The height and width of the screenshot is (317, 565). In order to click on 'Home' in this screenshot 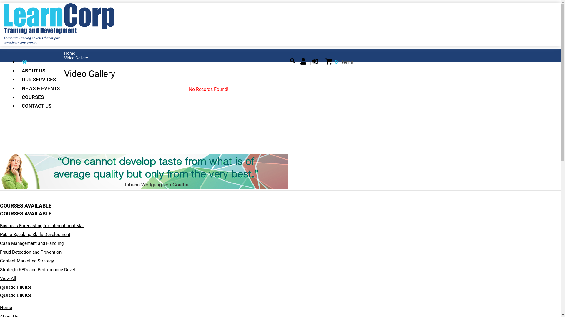, I will do `click(69, 53)`.